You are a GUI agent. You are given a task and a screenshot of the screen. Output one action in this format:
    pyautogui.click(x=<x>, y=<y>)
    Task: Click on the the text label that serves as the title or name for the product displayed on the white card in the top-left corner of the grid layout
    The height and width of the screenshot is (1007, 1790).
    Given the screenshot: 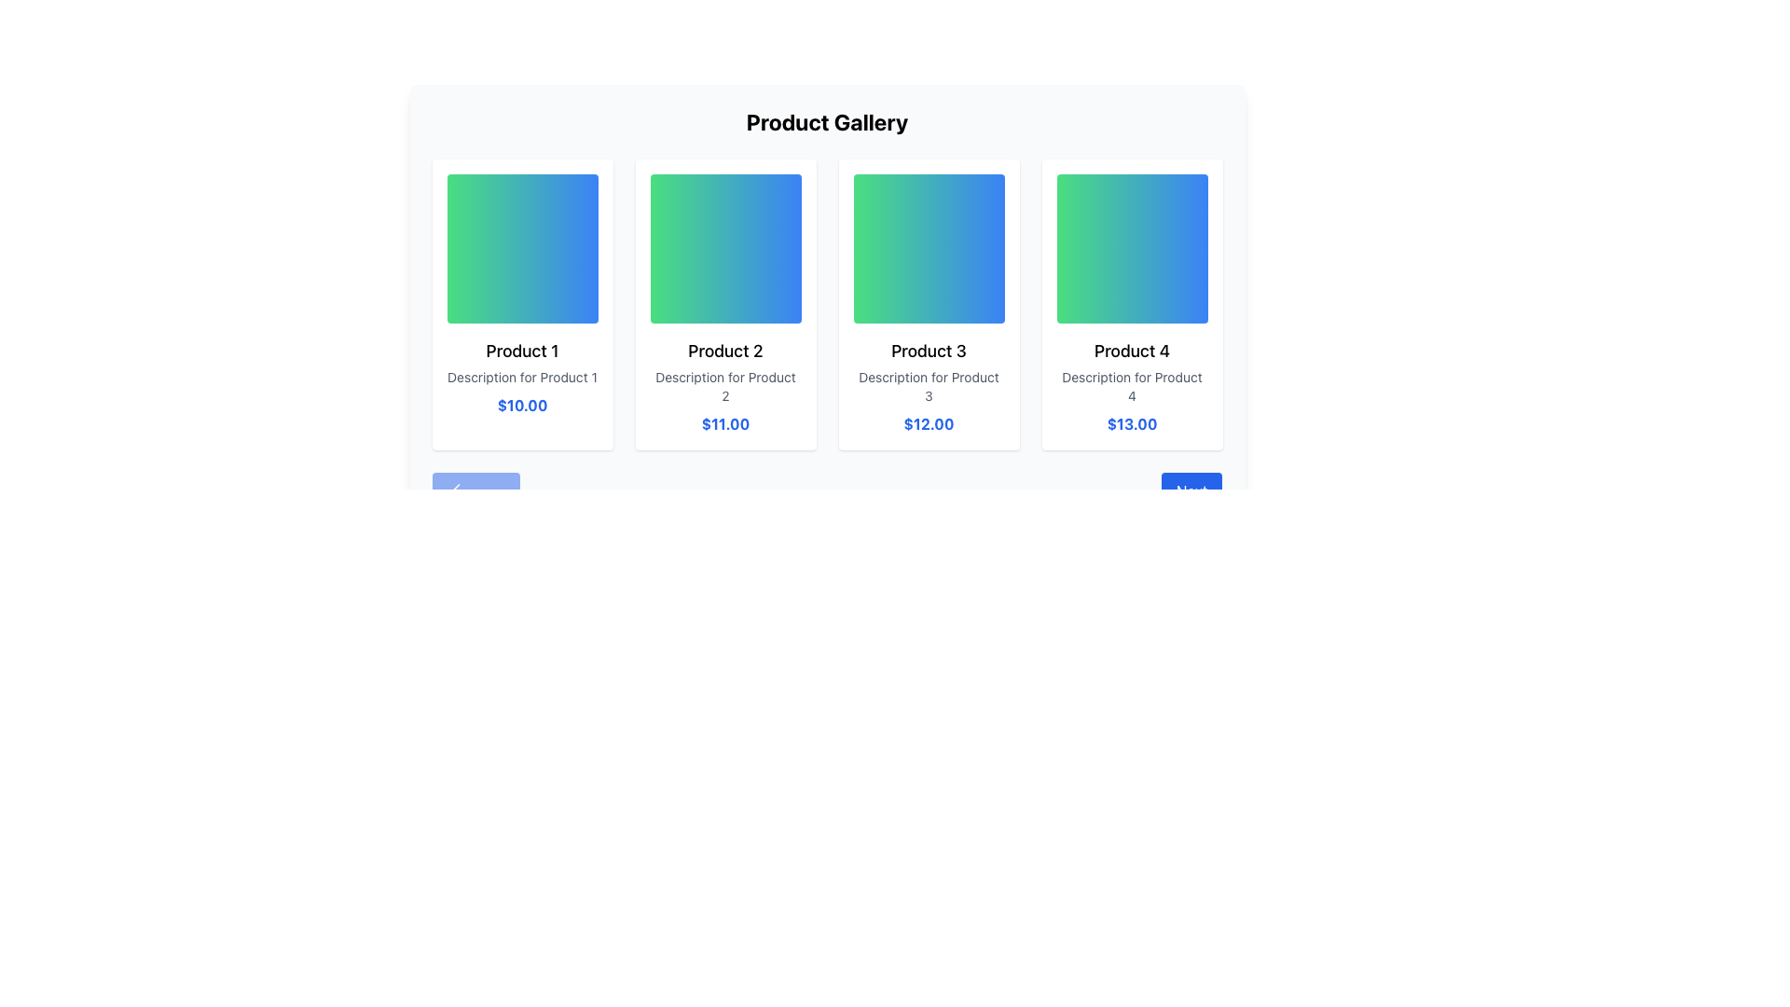 What is the action you would take?
    pyautogui.click(x=522, y=352)
    